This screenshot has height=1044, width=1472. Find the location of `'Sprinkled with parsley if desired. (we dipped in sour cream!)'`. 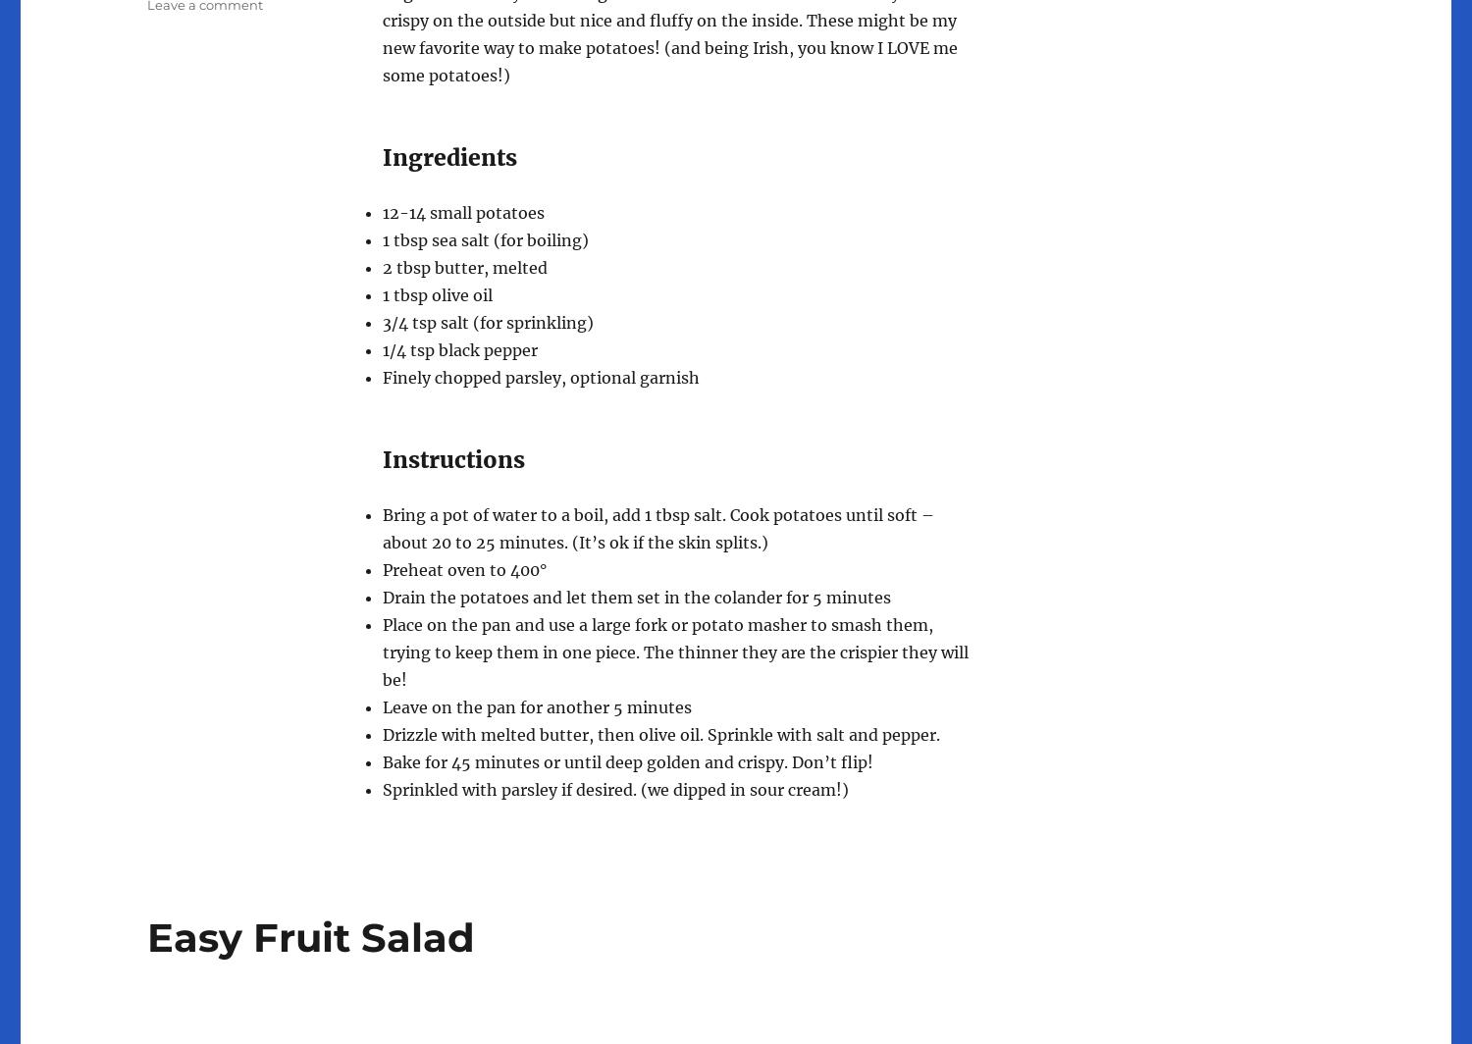

'Sprinkled with parsley if desired. (we dipped in sour cream!)' is located at coordinates (383, 788).